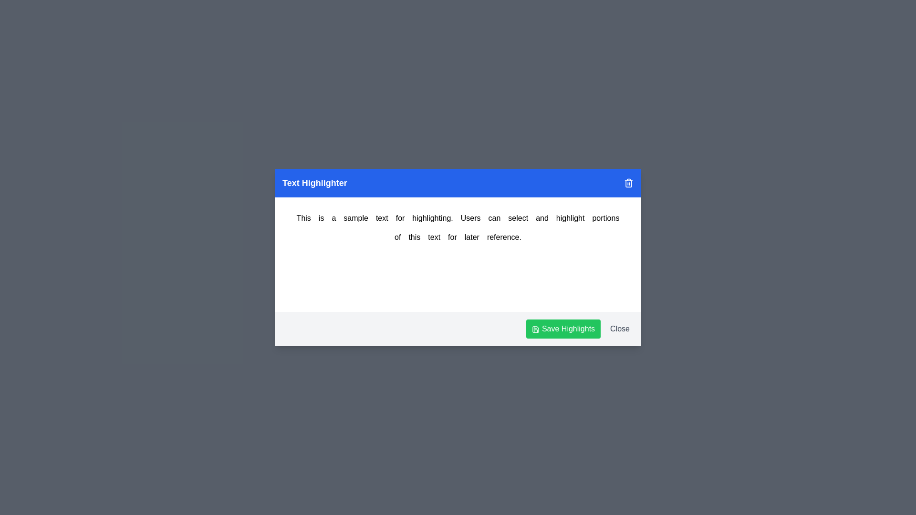  Describe the element at coordinates (303, 218) in the screenshot. I see `the word 'This' by clicking on it` at that location.